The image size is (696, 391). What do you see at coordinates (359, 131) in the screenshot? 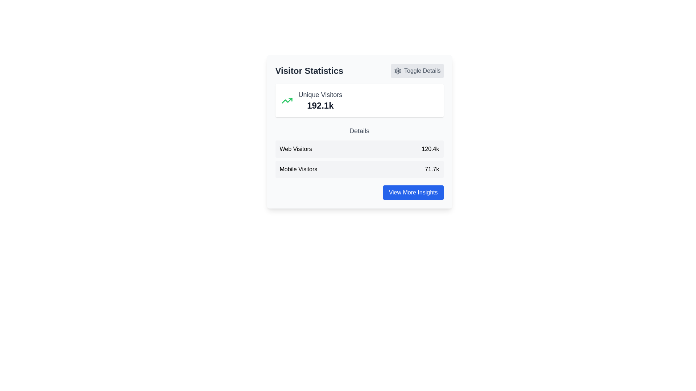
I see `the Text Label that indicates the beginning or context of the data shown below it, positioned above 'Web Visitors' and 'Mobile Visitors'` at bounding box center [359, 131].